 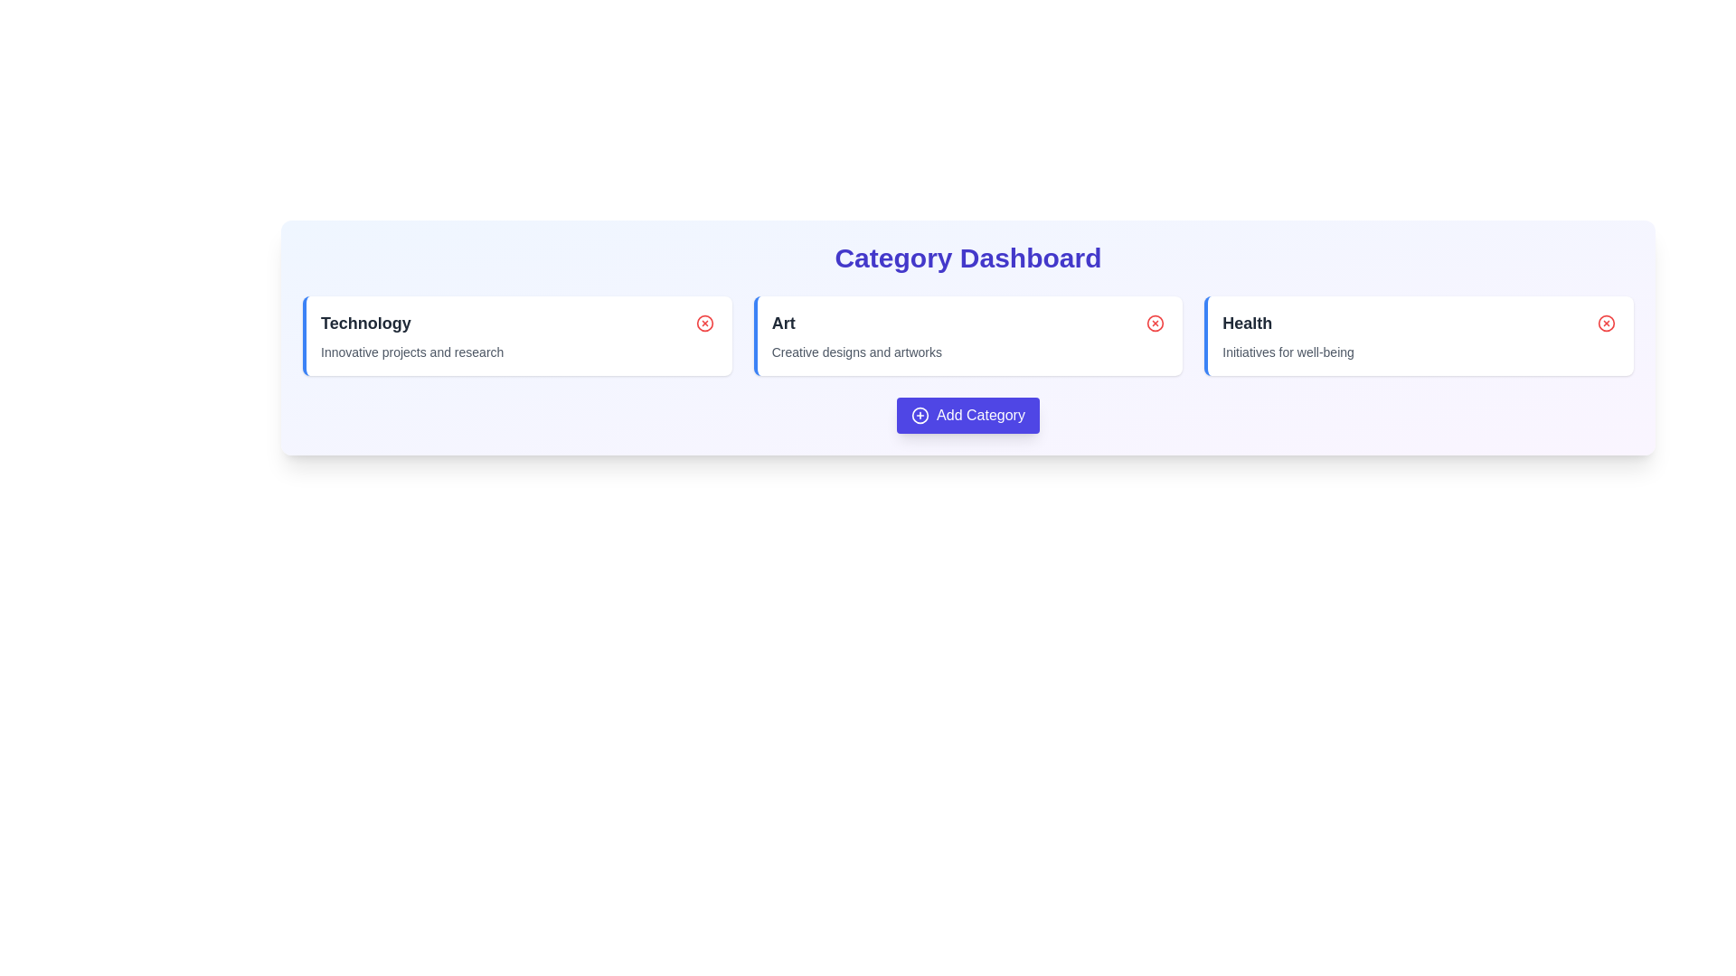 I want to click on title and description of the 'Art' category card, which is the second card in a row of three cards displayed within a grid layout, so click(x=967, y=335).